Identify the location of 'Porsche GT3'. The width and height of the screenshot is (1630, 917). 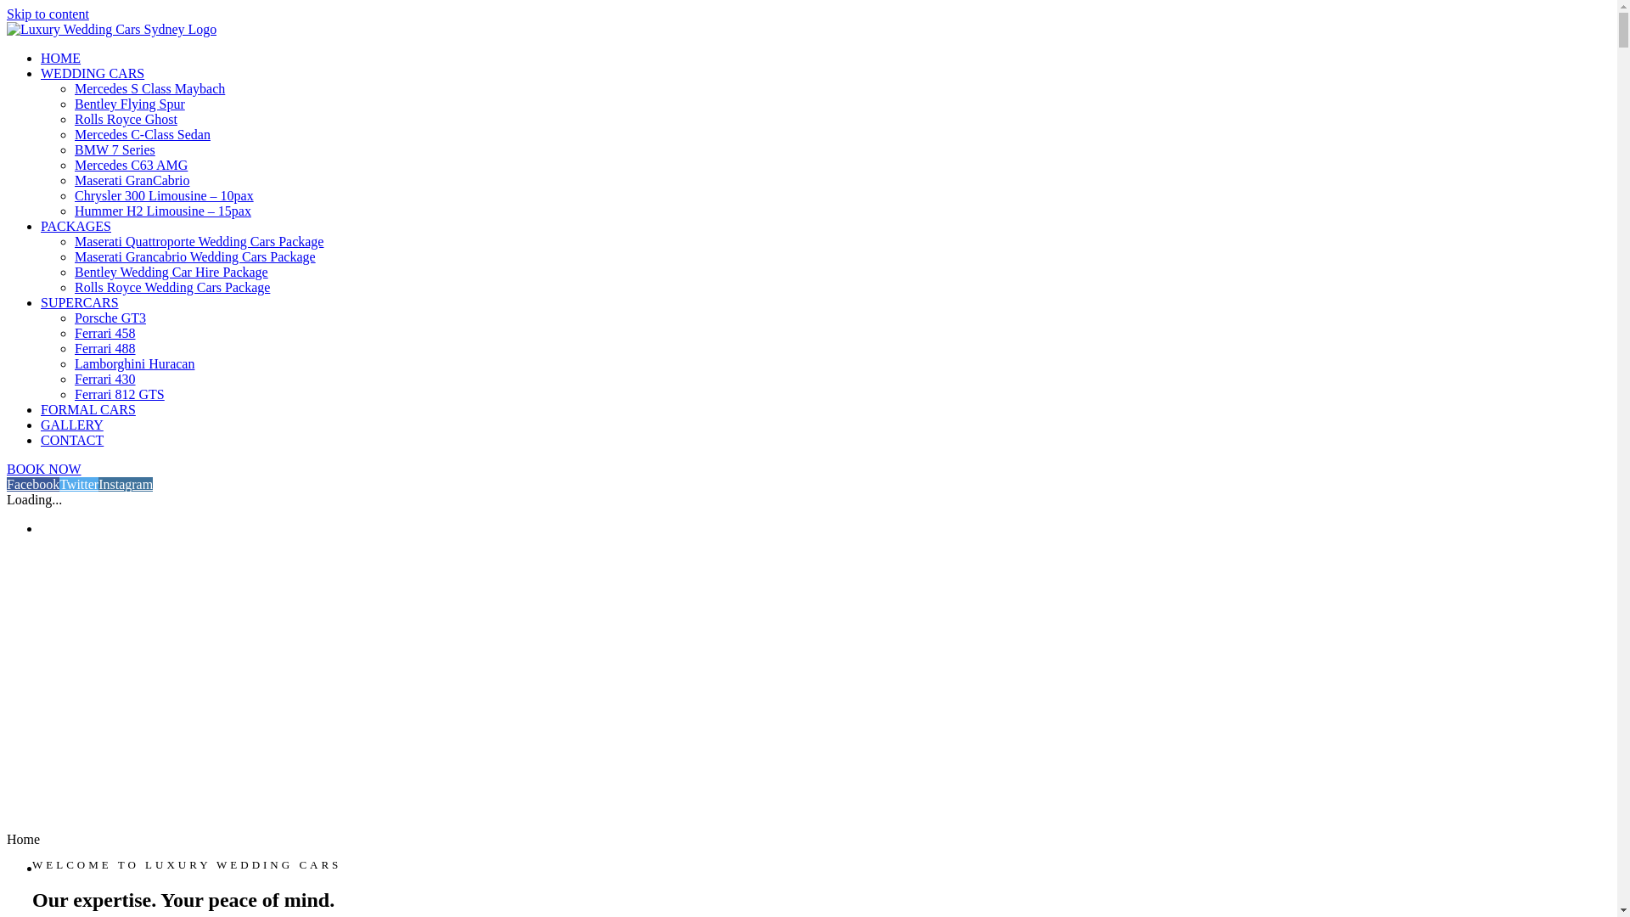
(109, 318).